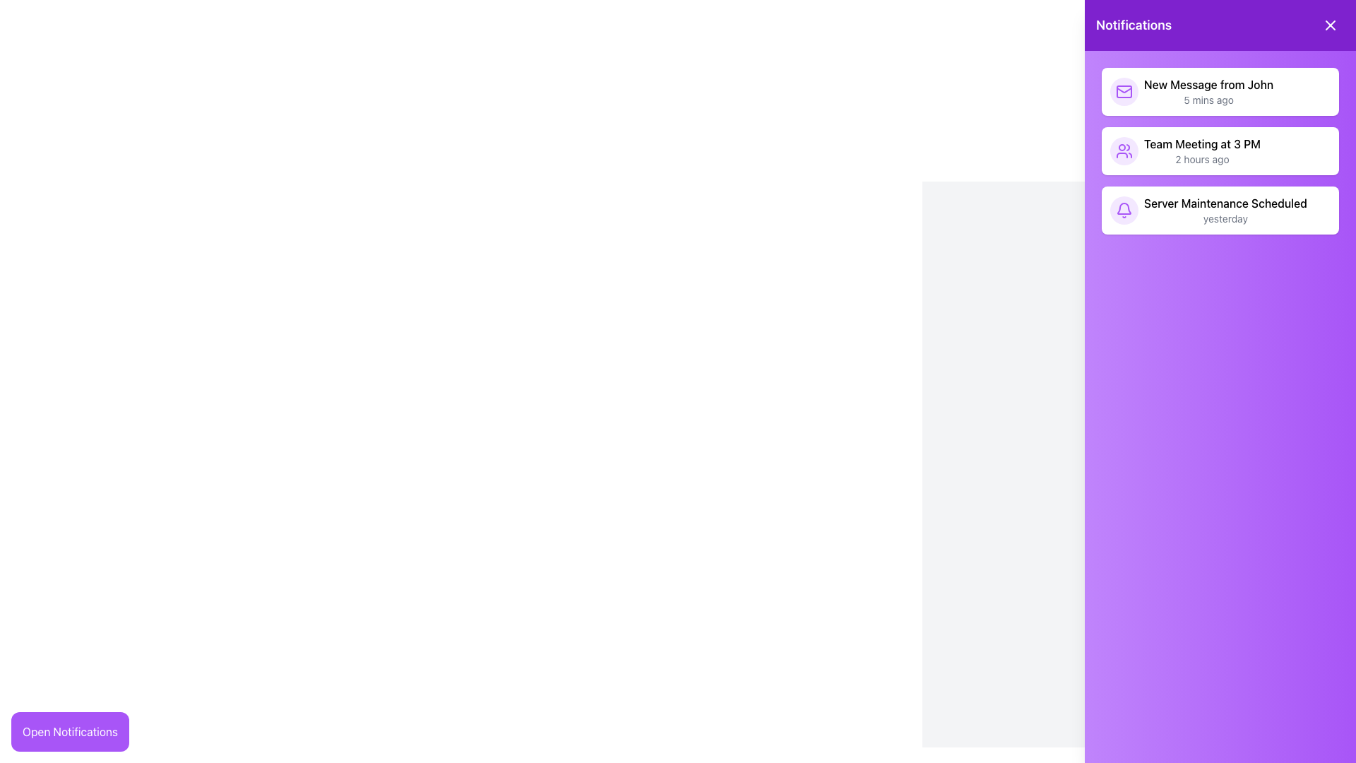 This screenshot has width=1356, height=763. I want to click on the topmost notification entry in the notification panel that indicates a recent message from 'John' received 5 mins ago, so click(1191, 92).